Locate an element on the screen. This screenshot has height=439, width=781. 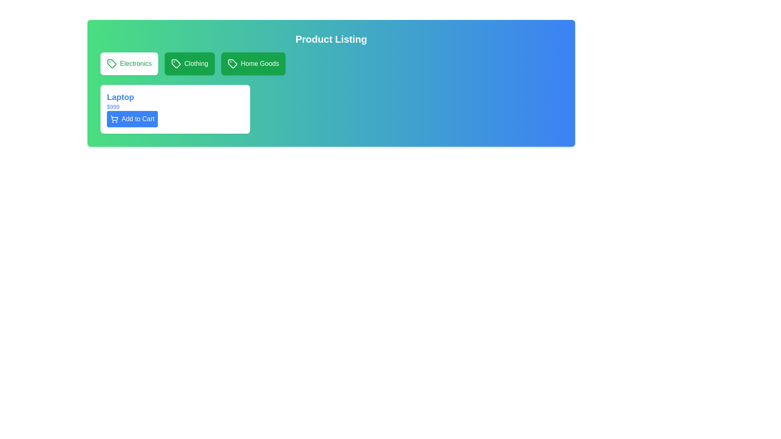
the button labeled 'Electronics', which is styled with a rounded rectangular shape, a light background, and green text is located at coordinates (129, 63).